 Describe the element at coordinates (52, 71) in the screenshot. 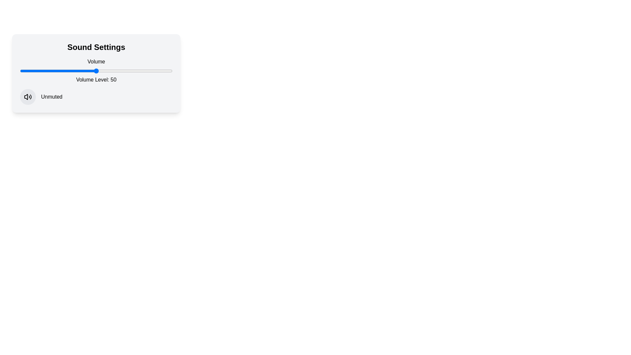

I see `the volume` at that location.